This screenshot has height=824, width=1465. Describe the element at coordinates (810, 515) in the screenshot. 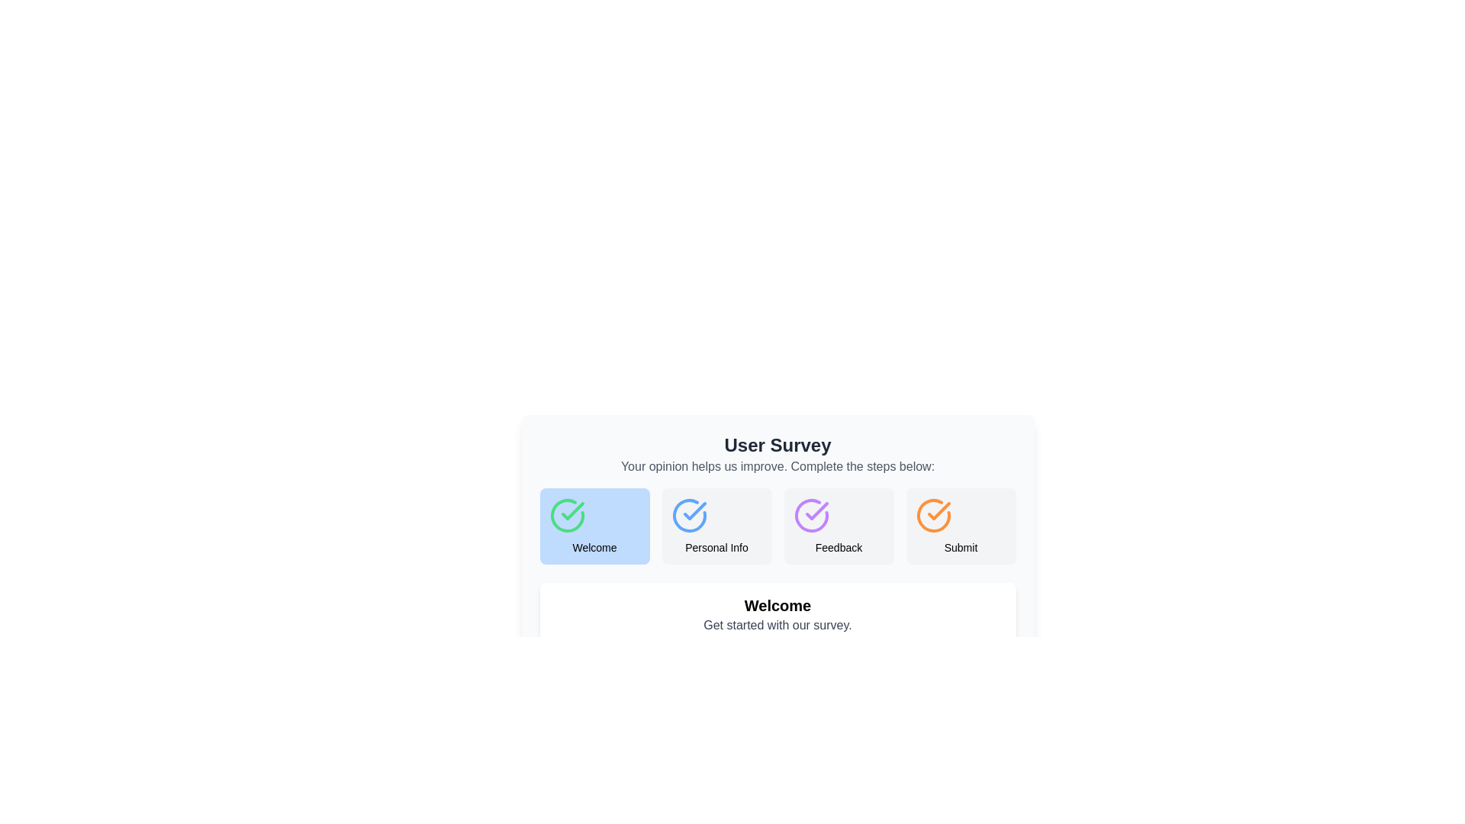

I see `the circular purple icon with a checkmark inside, located in the third column of the icons under the 'User Survey' header in the 'Feedback' section` at that location.